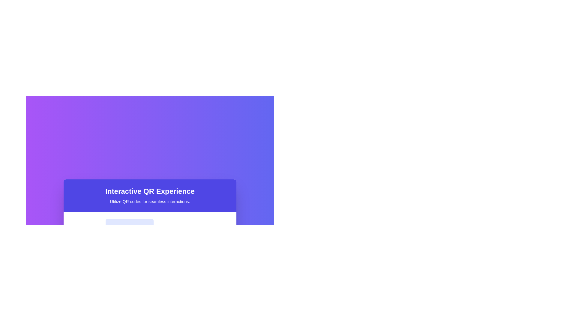  What do you see at coordinates (129, 243) in the screenshot?
I see `QR code icon for accessibility features, which is a minimalistic indigo square grid icon located below the 'Interactive QR Experience' panel` at bounding box center [129, 243].